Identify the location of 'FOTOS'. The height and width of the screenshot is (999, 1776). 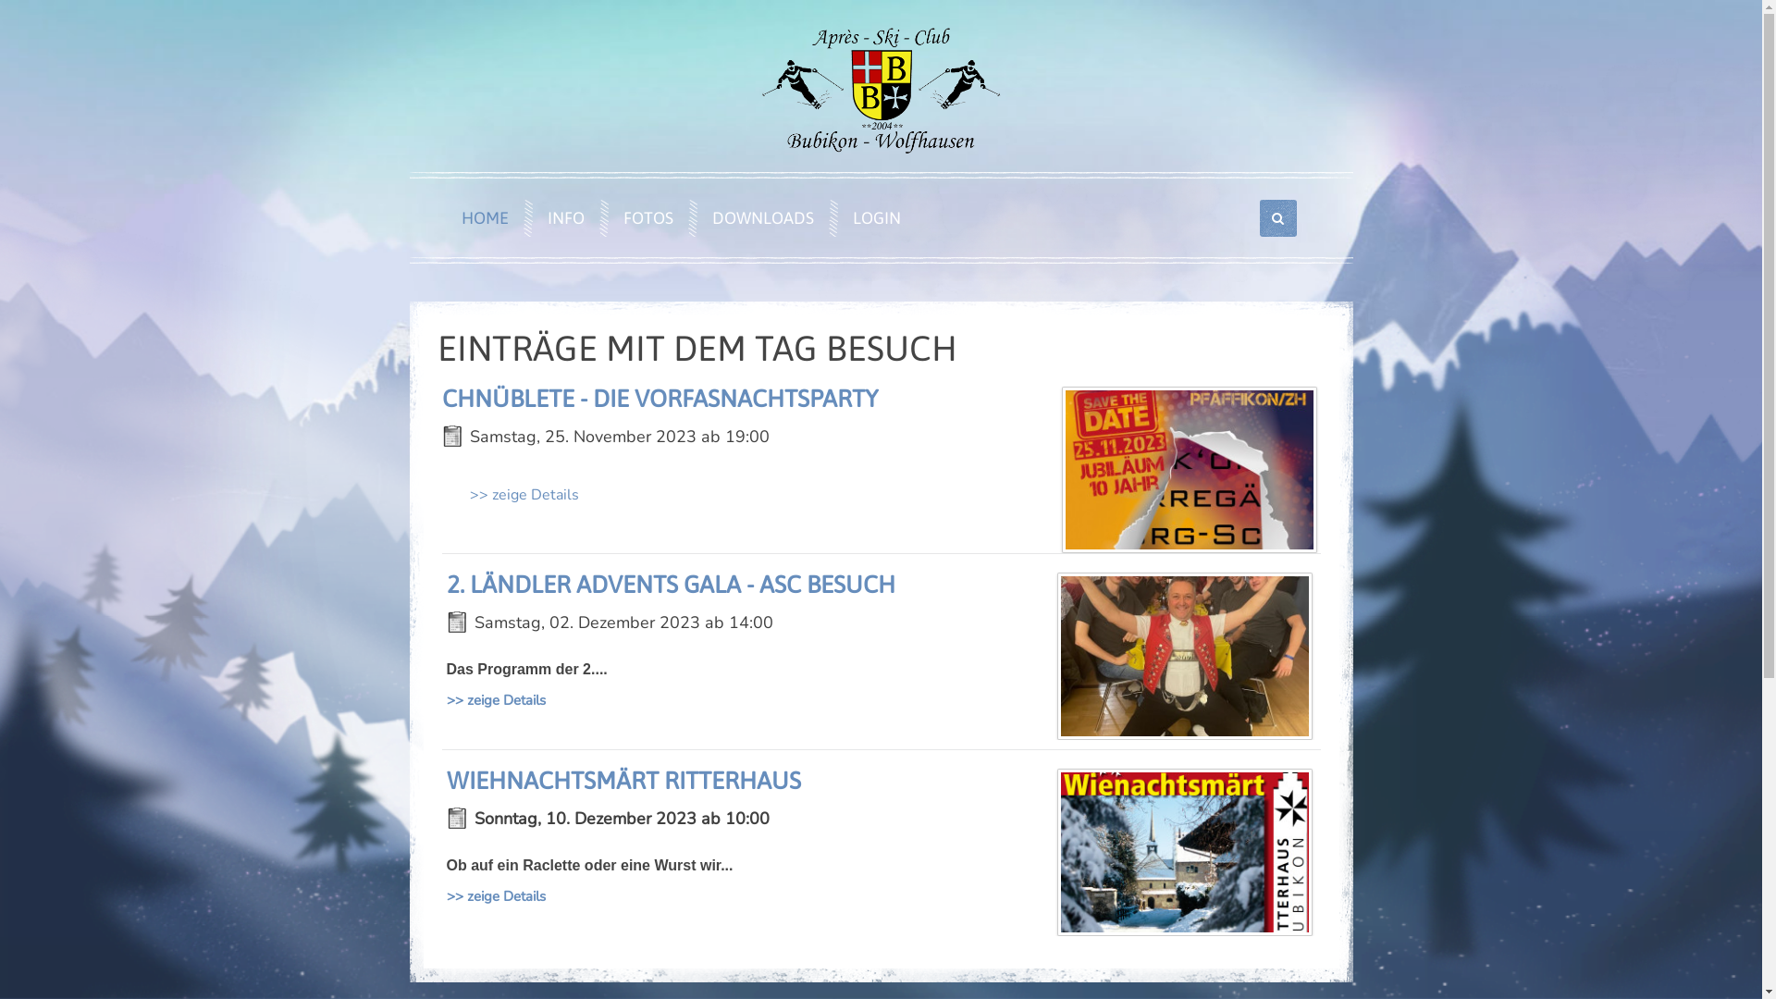
(644, 216).